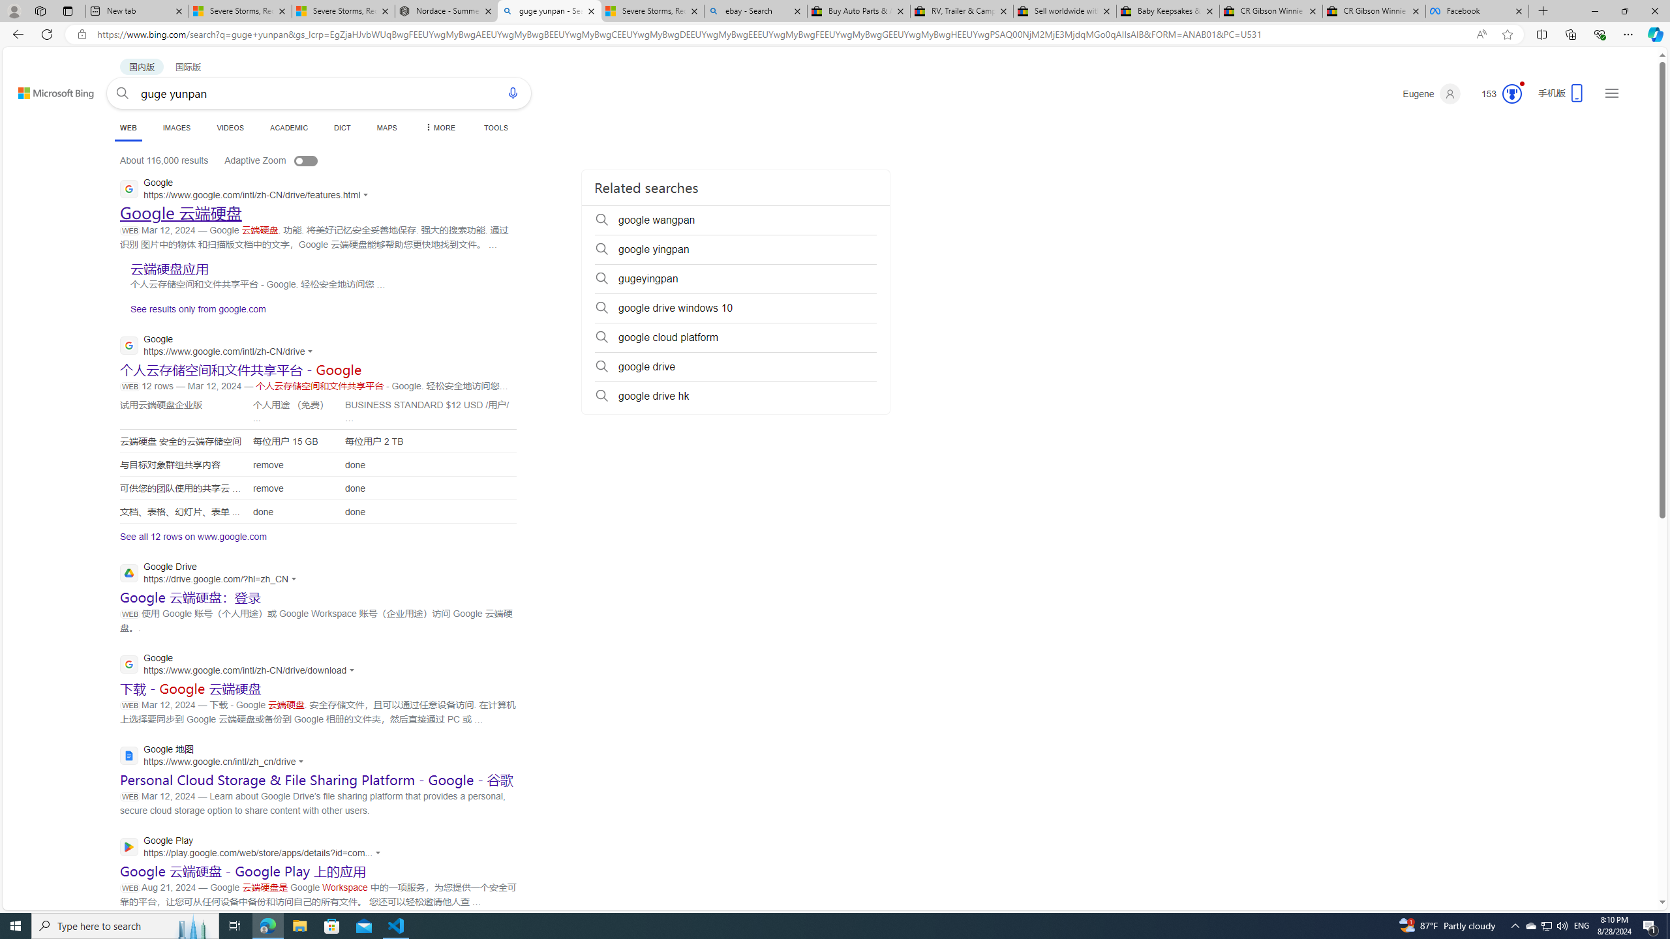 The height and width of the screenshot is (939, 1670). Describe the element at coordinates (1570, 33) in the screenshot. I see `'Collections'` at that location.